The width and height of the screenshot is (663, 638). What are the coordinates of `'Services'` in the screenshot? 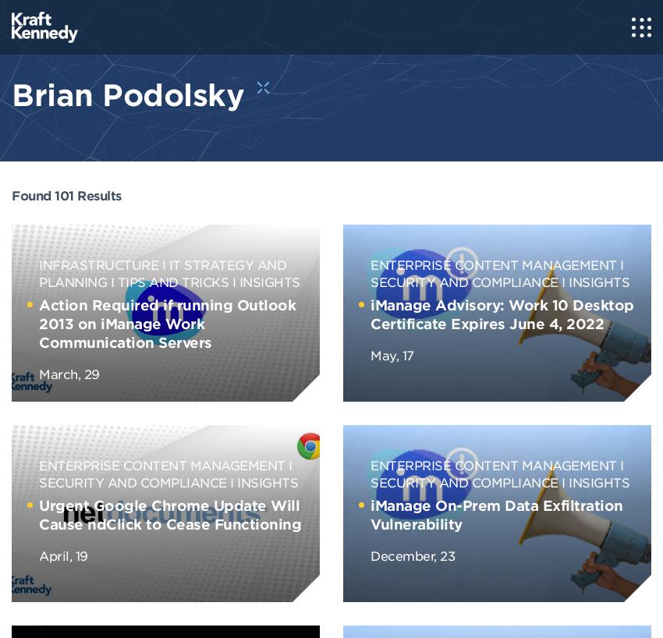 It's located at (37, 127).